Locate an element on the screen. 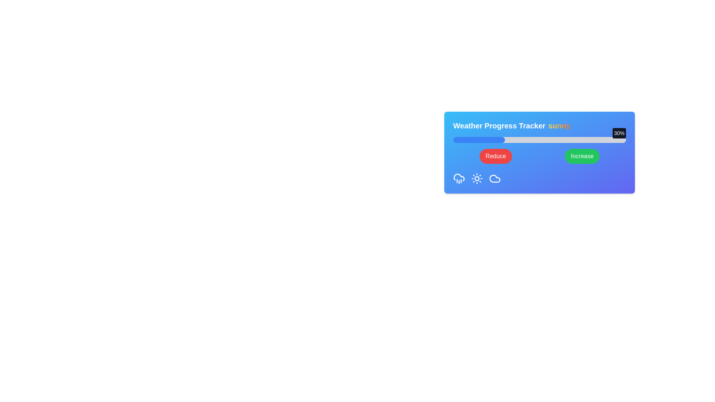 Image resolution: width=715 pixels, height=402 pixels. the leftmost cloud icon in the Weather Progress Tracker interface is located at coordinates (495, 178).